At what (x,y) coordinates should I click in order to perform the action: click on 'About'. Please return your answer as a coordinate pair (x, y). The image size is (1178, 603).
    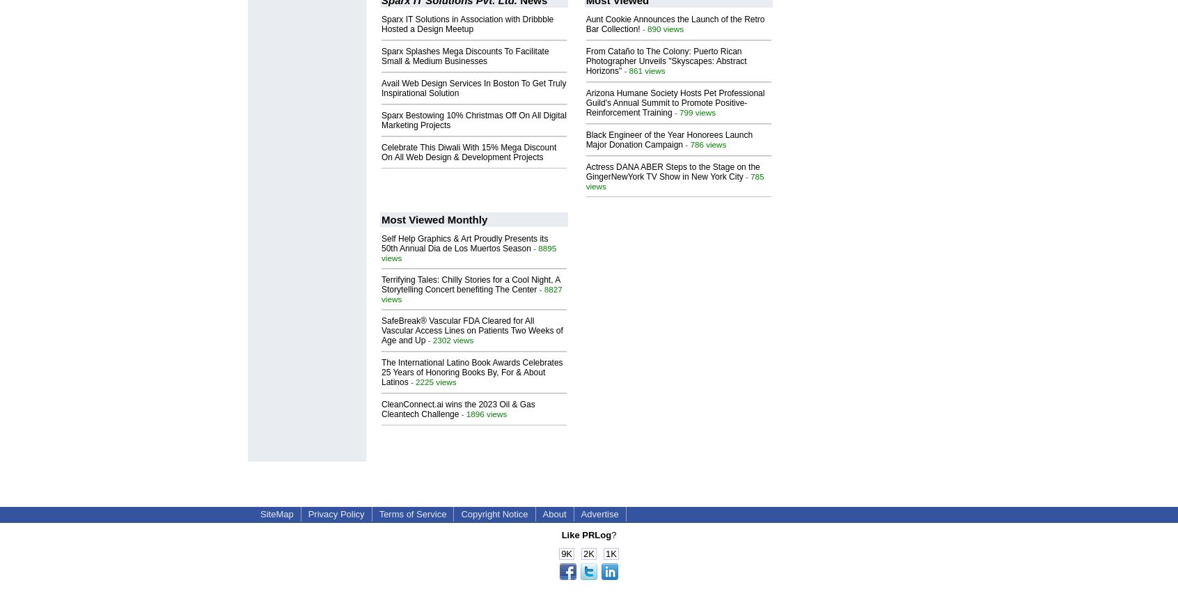
    Looking at the image, I should click on (553, 512).